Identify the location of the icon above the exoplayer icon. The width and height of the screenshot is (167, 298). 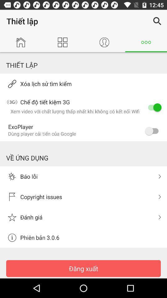
(153, 107).